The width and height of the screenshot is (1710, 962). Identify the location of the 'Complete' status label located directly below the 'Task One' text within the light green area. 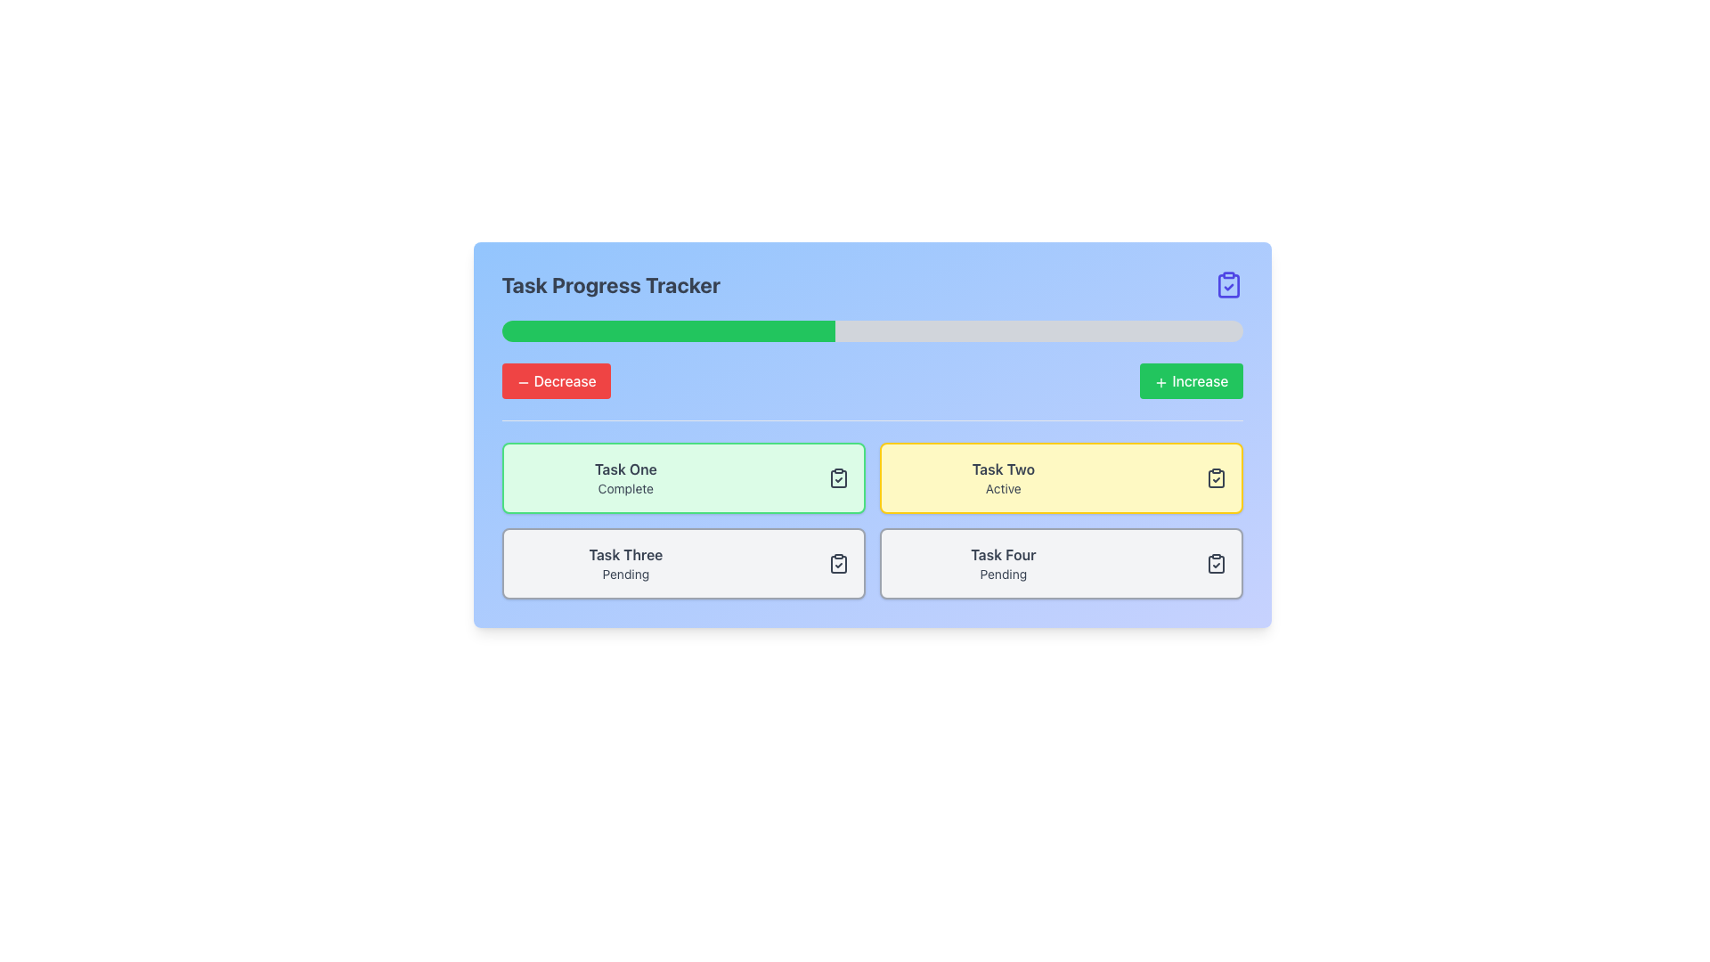
(625, 488).